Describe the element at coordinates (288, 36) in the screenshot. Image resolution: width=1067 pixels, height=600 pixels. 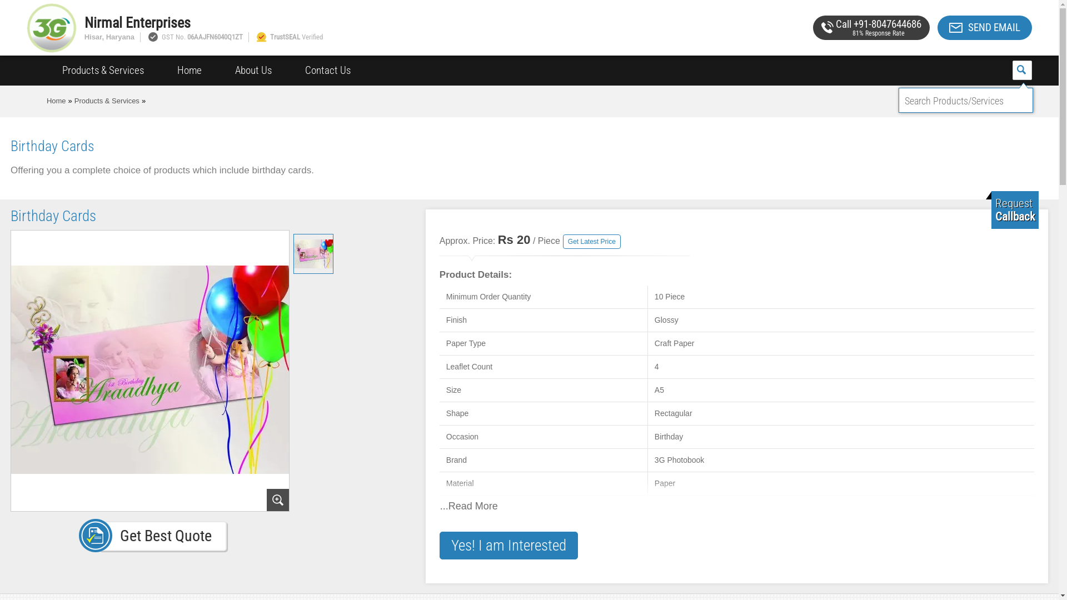
I see `'TrustSEAL Verified'` at that location.